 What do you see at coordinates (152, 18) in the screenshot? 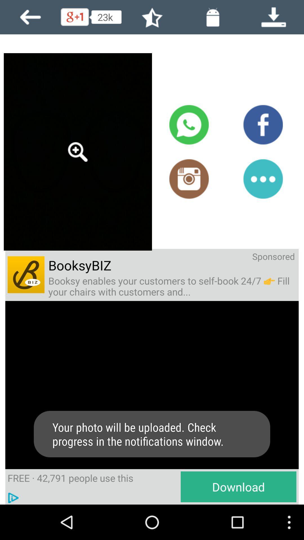
I see `the star icon` at bounding box center [152, 18].